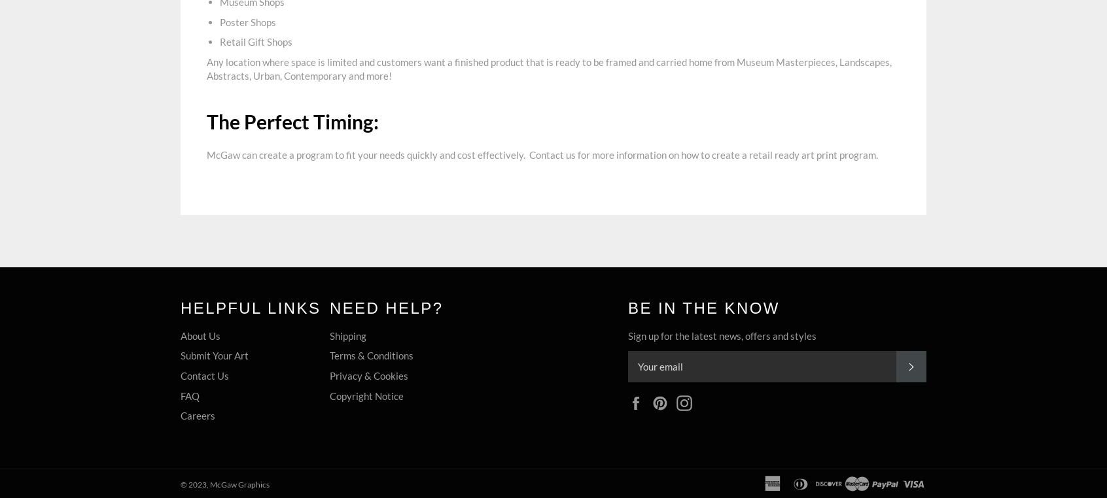 The height and width of the screenshot is (498, 1107). Describe the element at coordinates (248, 20) in the screenshot. I see `'Poster Shops'` at that location.